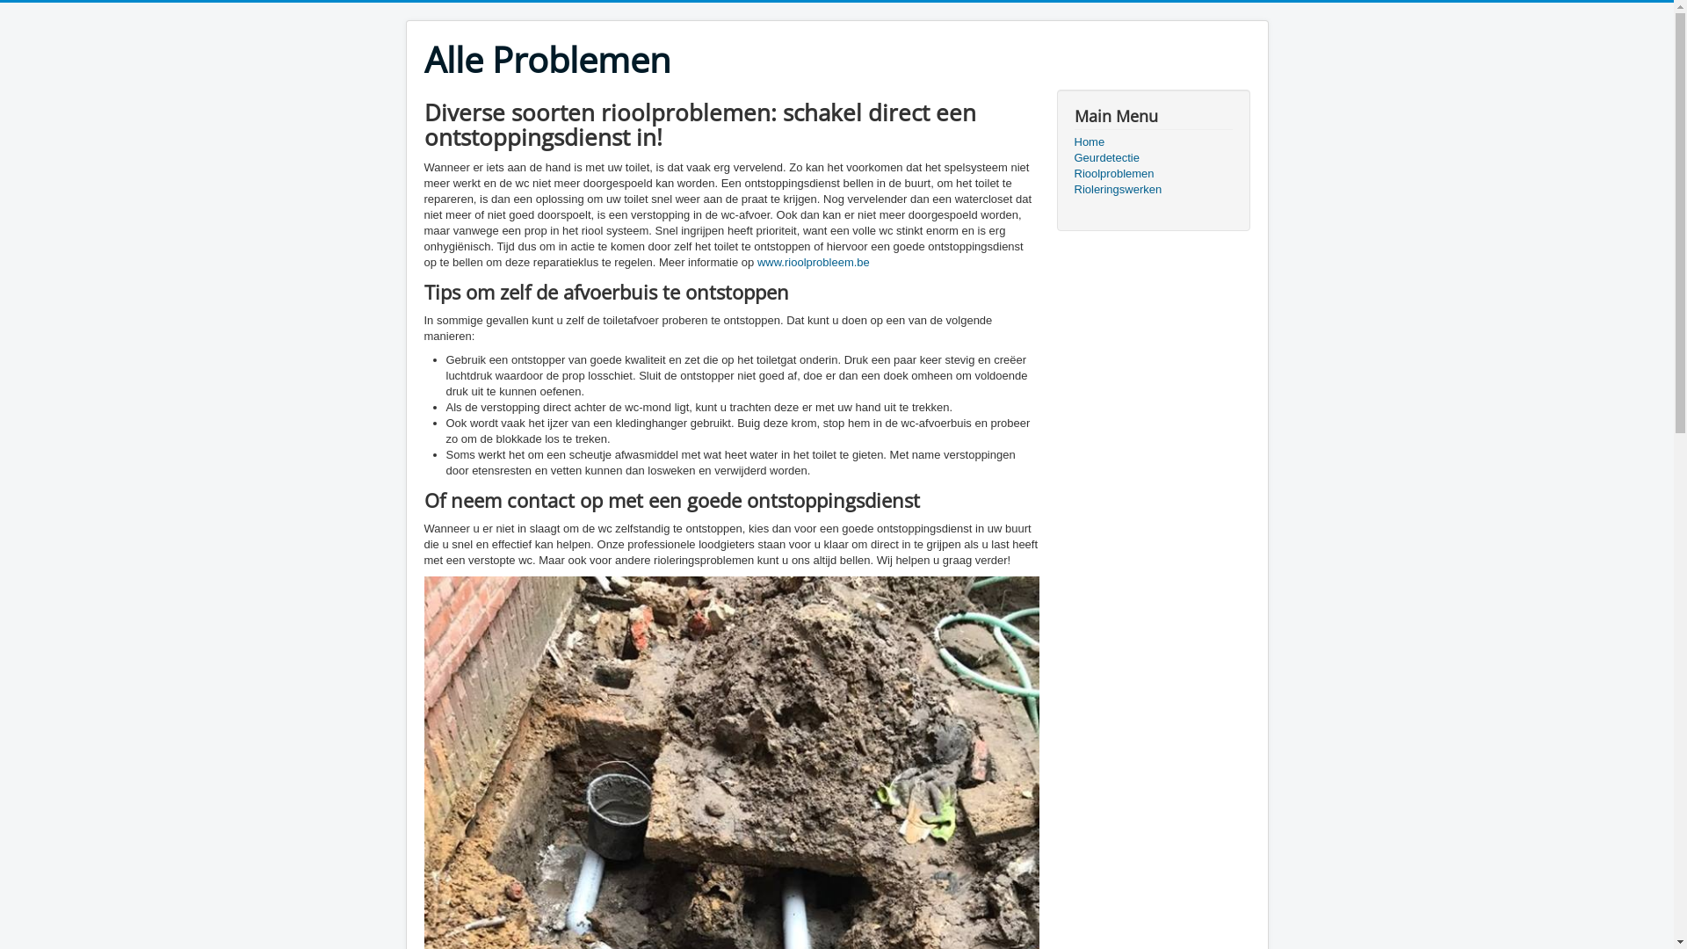  What do you see at coordinates (1152, 190) in the screenshot?
I see `'Rioleringswerken'` at bounding box center [1152, 190].